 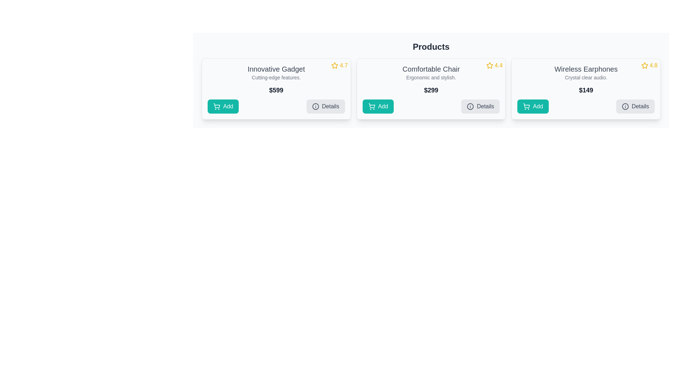 What do you see at coordinates (430, 77) in the screenshot?
I see `the text label that provides supplementary information about the 'Comfortable Chair' product, located directly beneath its title within the card layout` at bounding box center [430, 77].